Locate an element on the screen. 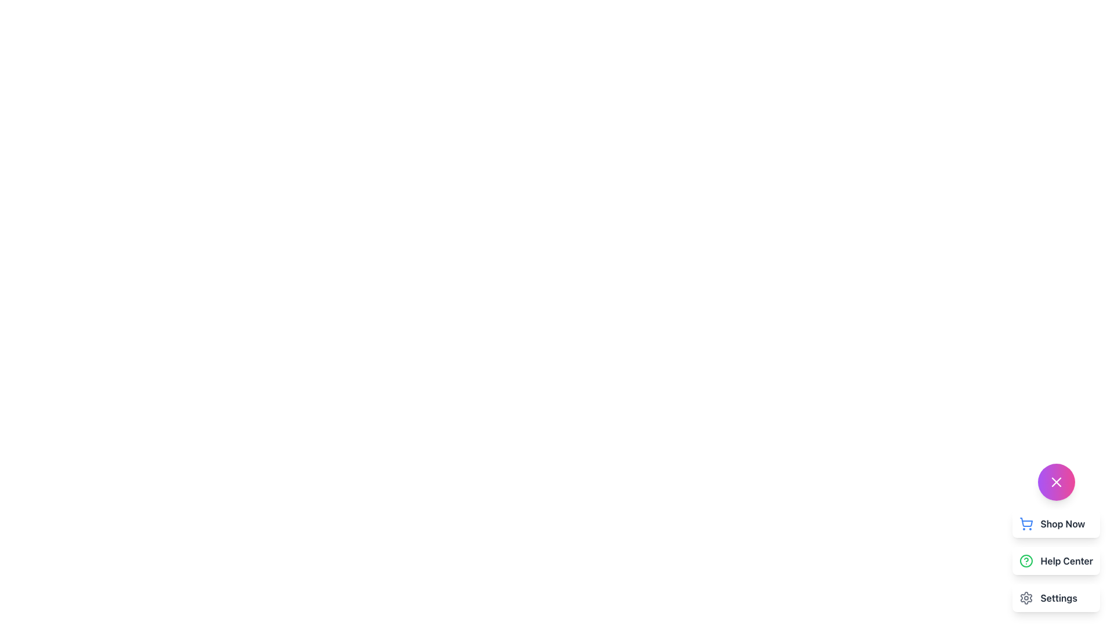  the shopping cart icon, which represents e-commerce functionality is located at coordinates (1026, 522).